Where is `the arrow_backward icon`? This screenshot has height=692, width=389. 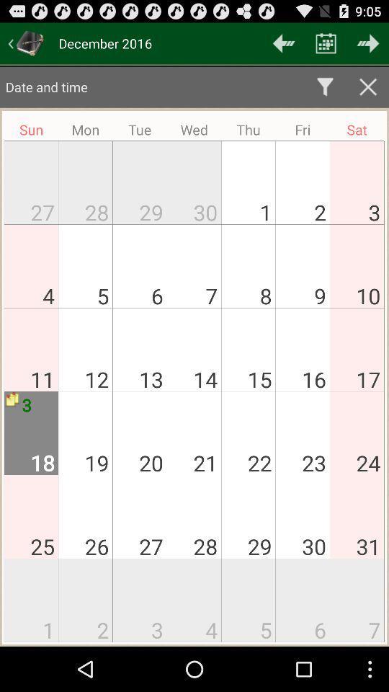
the arrow_backward icon is located at coordinates (284, 46).